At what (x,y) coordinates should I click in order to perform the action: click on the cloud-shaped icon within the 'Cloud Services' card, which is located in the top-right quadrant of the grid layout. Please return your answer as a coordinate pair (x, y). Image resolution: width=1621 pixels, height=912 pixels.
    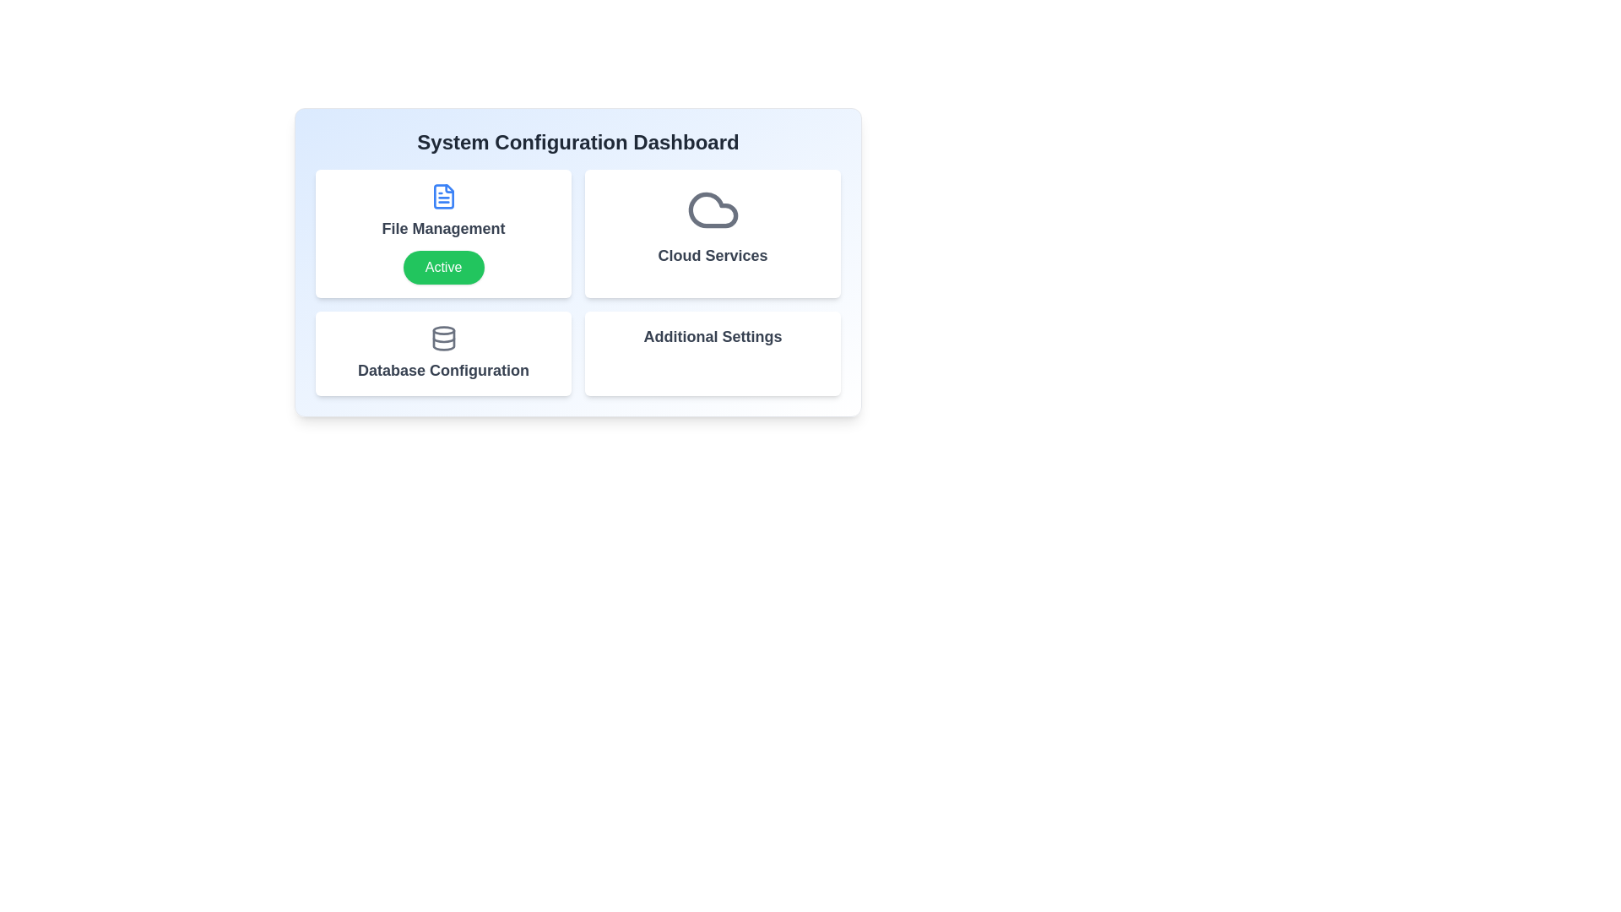
    Looking at the image, I should click on (713, 209).